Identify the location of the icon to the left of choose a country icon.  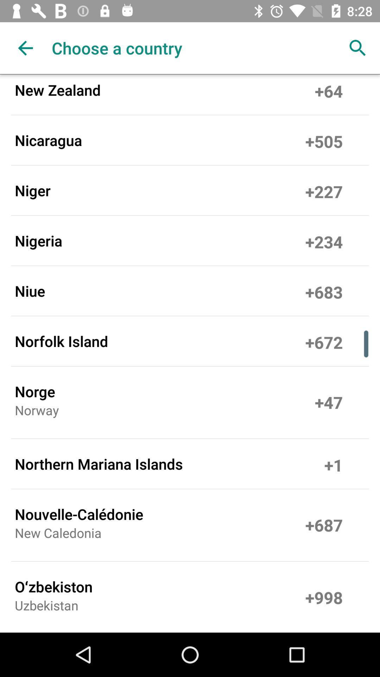
(25, 48).